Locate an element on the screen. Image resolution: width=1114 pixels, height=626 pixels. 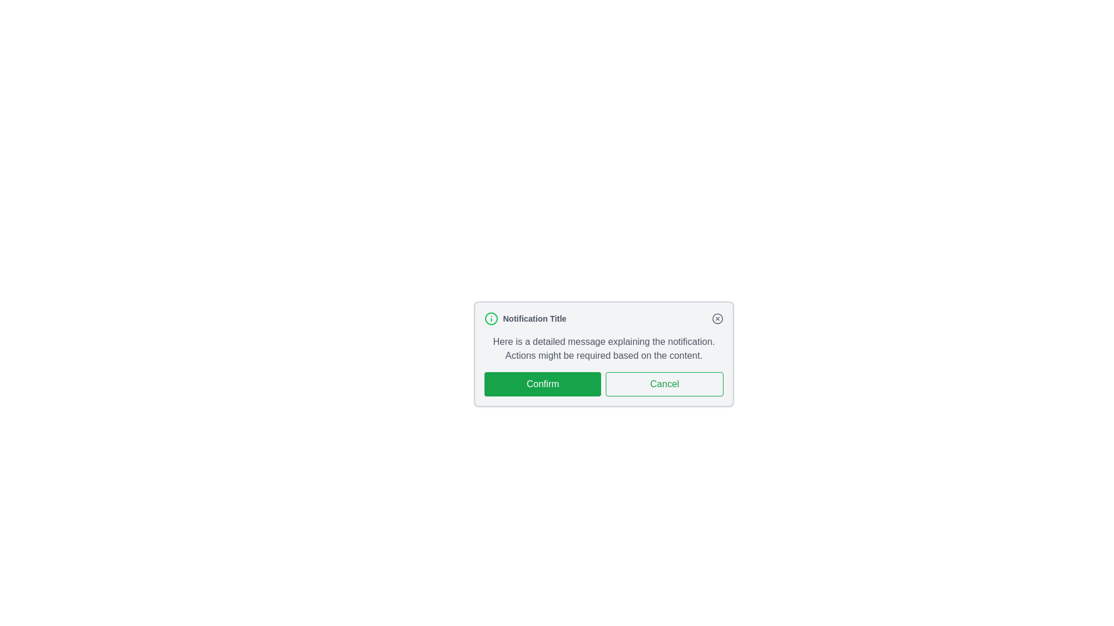
close button in the top-right corner of the notification panel is located at coordinates (717, 319).